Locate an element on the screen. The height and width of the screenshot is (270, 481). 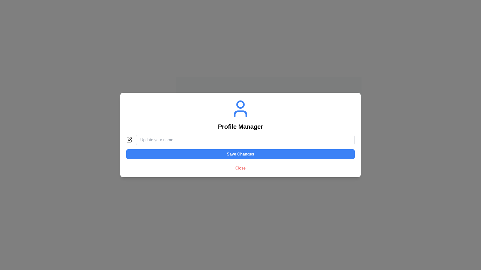
the circular user icon element at the top-central part of the icon, which represents the head of a person in an abstract depiction is located at coordinates (241, 104).